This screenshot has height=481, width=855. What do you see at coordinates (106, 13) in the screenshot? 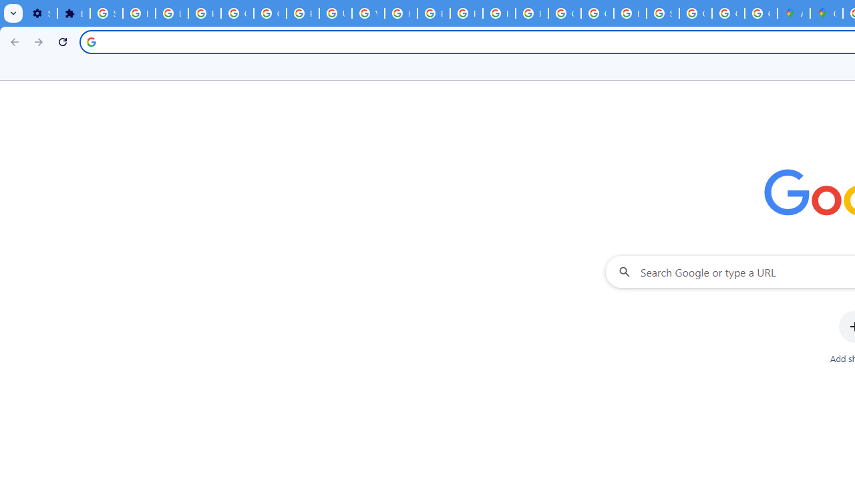
I see `'Sign in - Google Accounts'` at bounding box center [106, 13].